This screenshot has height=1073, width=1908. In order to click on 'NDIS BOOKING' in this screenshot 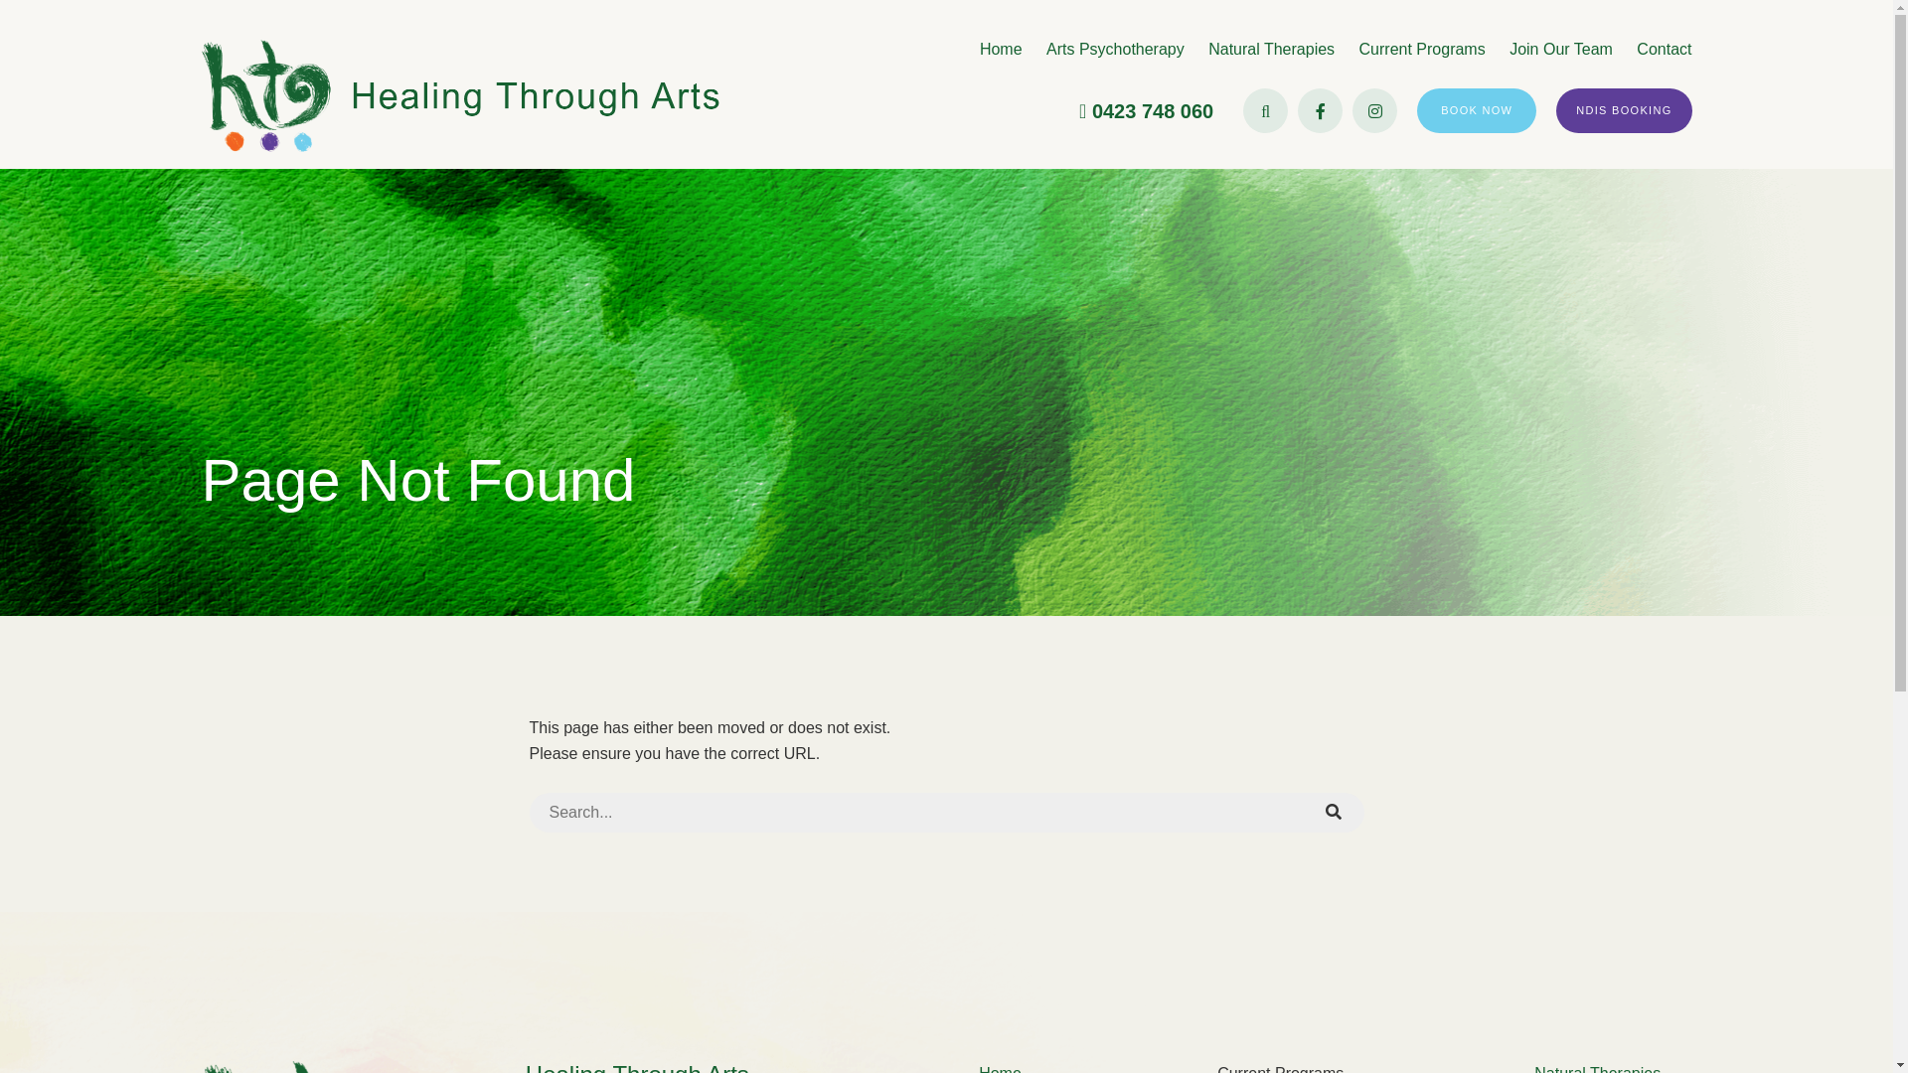, I will do `click(1554, 110)`.